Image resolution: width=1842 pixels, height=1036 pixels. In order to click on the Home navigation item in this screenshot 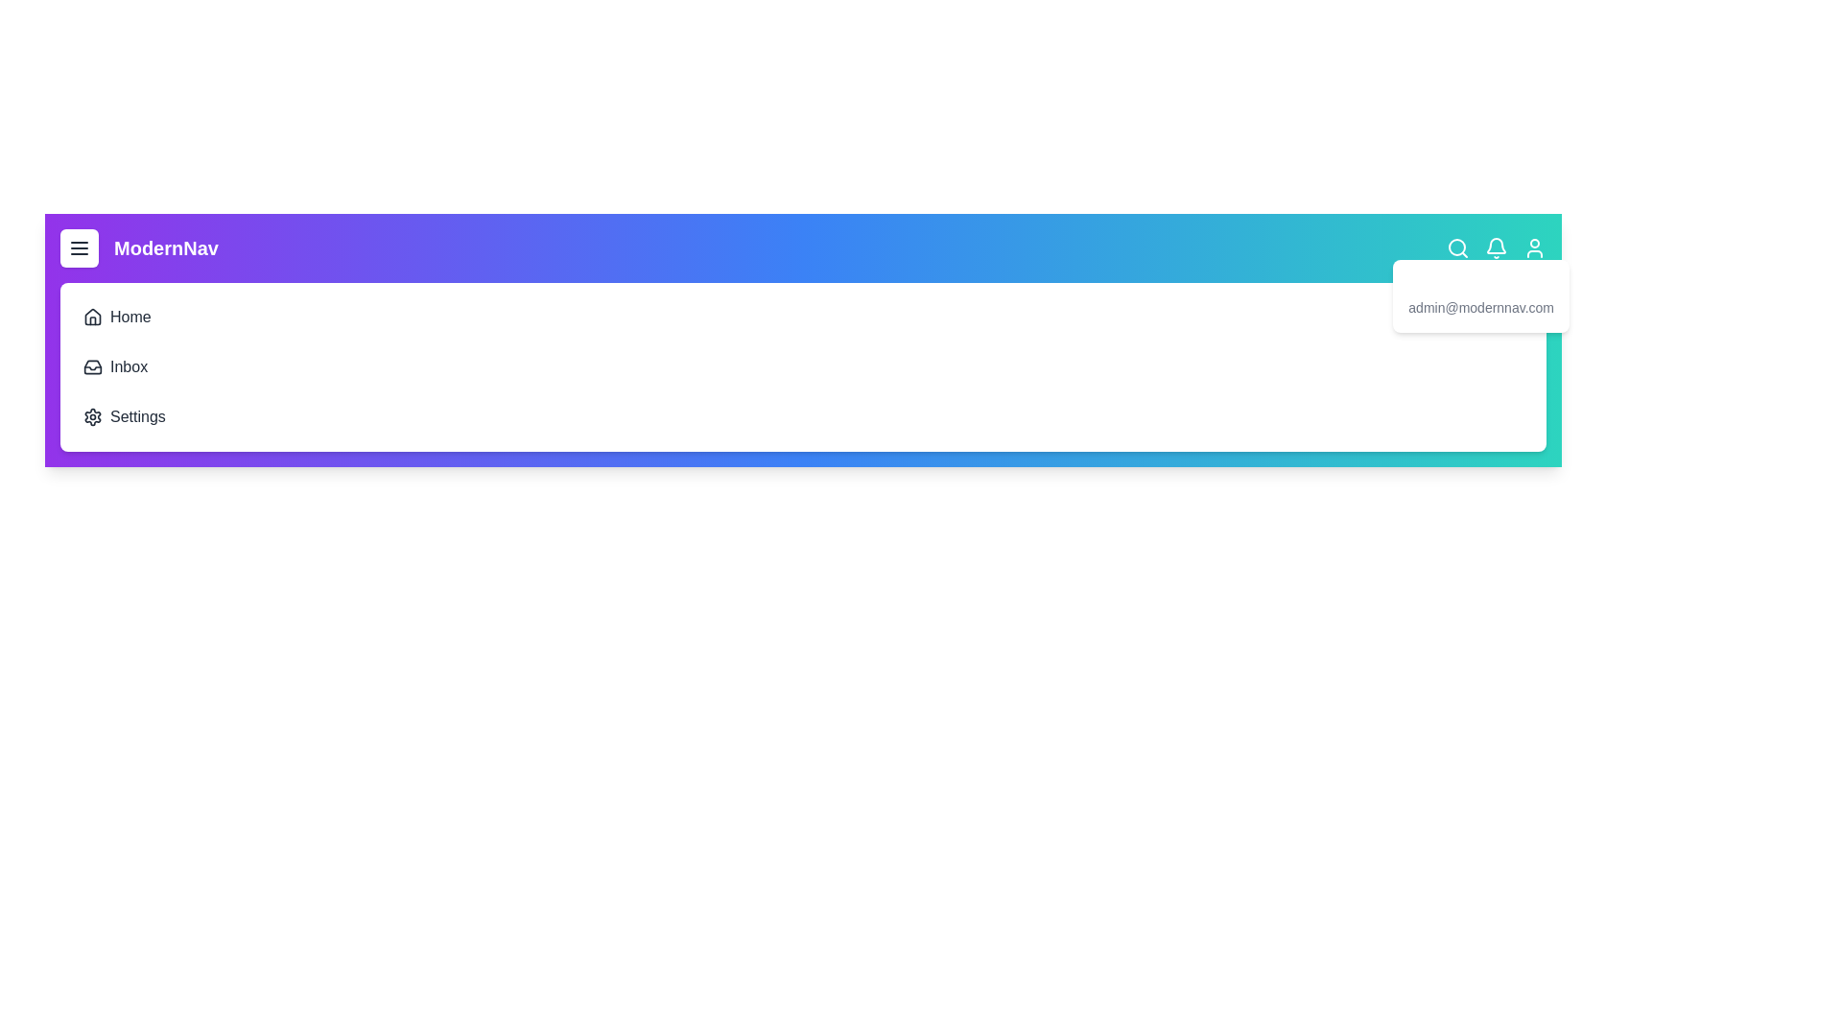, I will do `click(95, 306)`.